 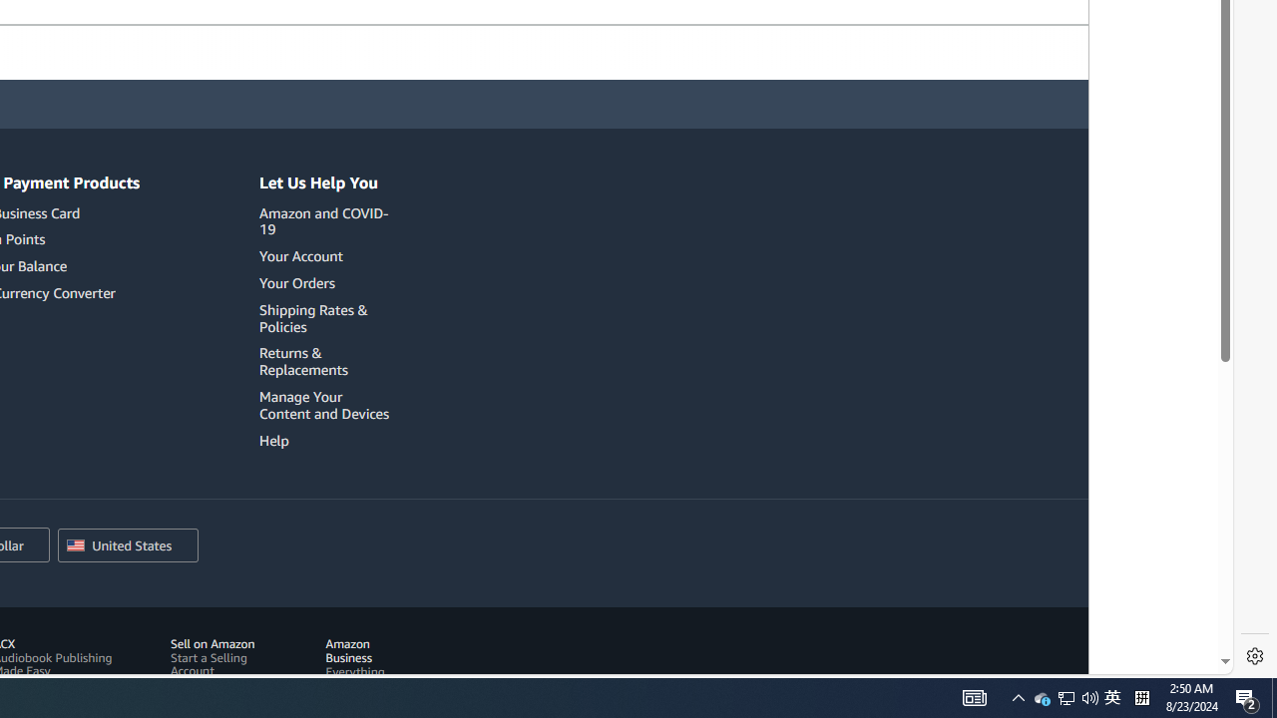 What do you see at coordinates (300, 255) in the screenshot?
I see `'Your Account'` at bounding box center [300, 255].